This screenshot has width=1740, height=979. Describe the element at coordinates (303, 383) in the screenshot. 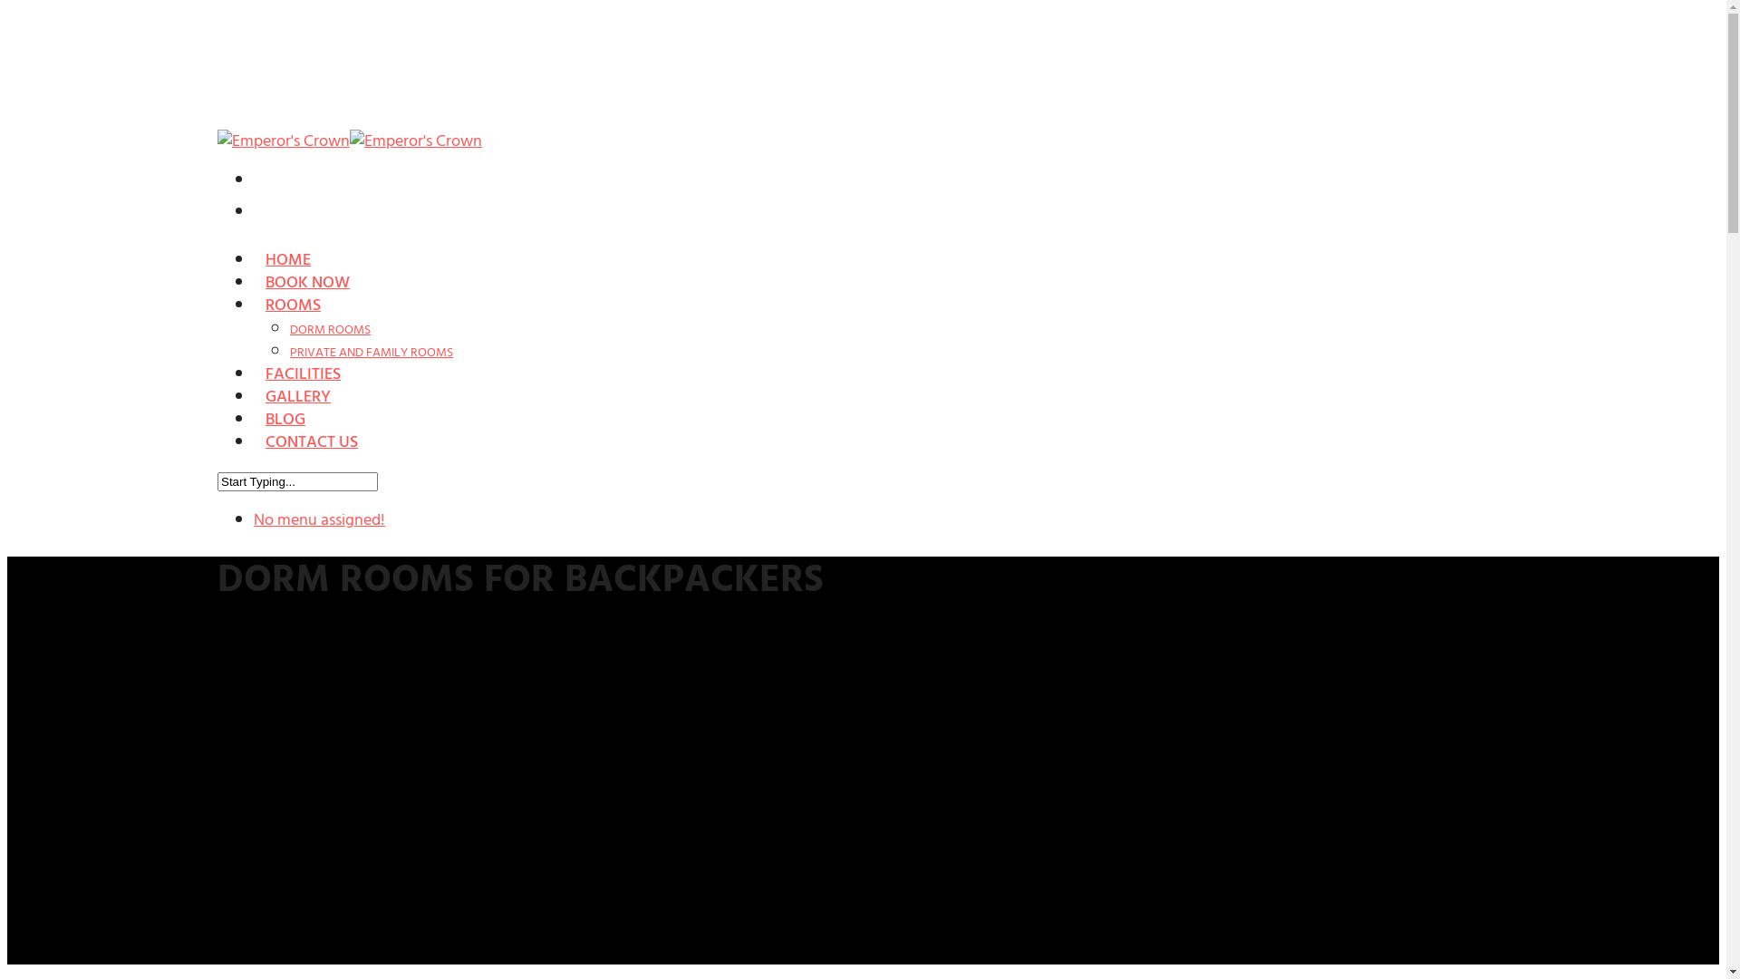

I see `'FACILITIES'` at that location.